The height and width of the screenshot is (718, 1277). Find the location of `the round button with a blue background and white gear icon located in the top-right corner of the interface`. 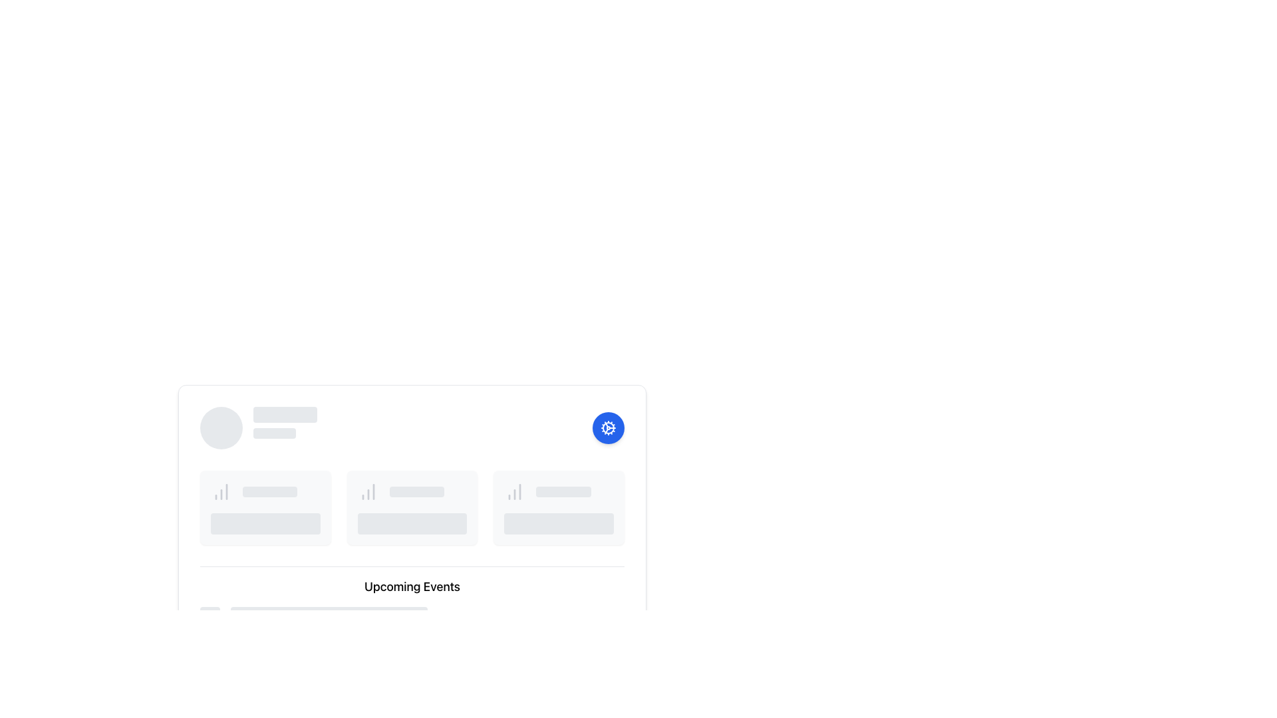

the round button with a blue background and white gear icon located in the top-right corner of the interface is located at coordinates (608, 428).